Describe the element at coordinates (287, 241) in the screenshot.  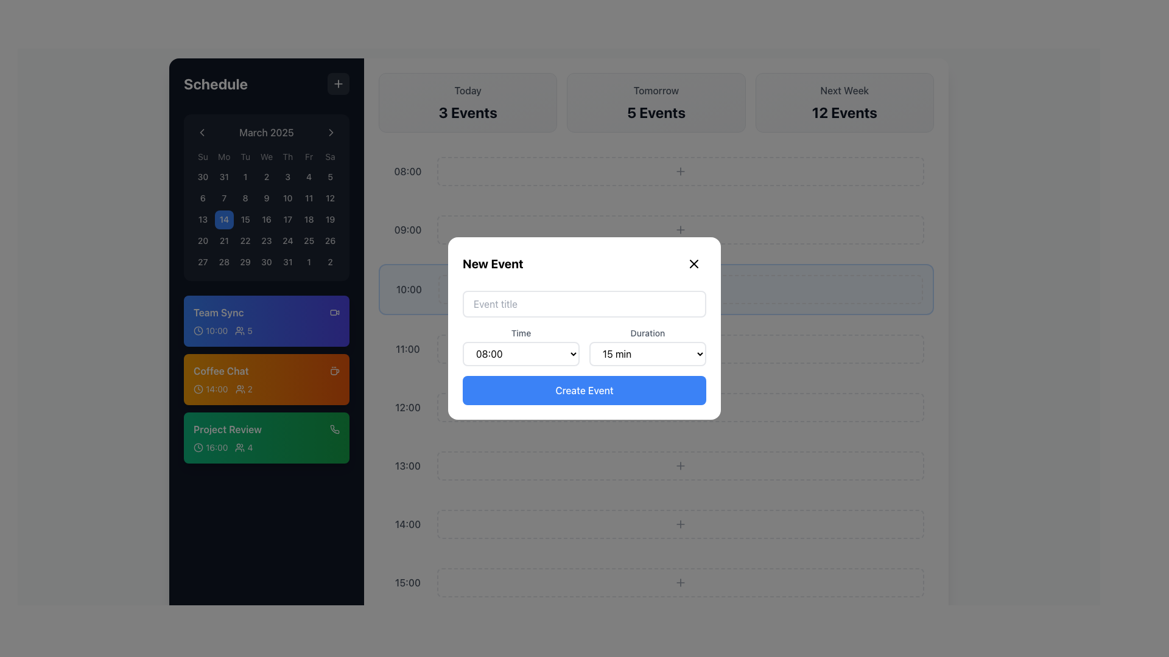
I see `the clickable date block representing the 24th of March 2025, located in the fourth row and fifth column of the calendar grid` at that location.